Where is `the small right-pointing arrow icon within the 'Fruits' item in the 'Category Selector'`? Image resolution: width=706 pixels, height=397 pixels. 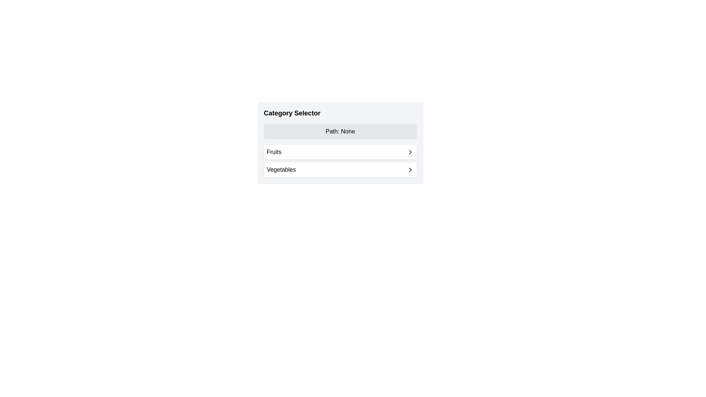
the small right-pointing arrow icon within the 'Fruits' item in the 'Category Selector' is located at coordinates (410, 151).